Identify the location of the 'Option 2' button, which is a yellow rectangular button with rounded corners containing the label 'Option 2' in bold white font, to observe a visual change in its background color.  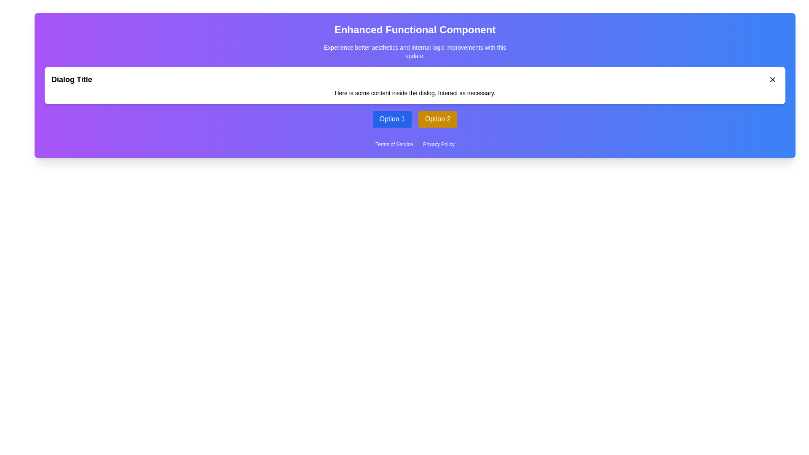
(438, 119).